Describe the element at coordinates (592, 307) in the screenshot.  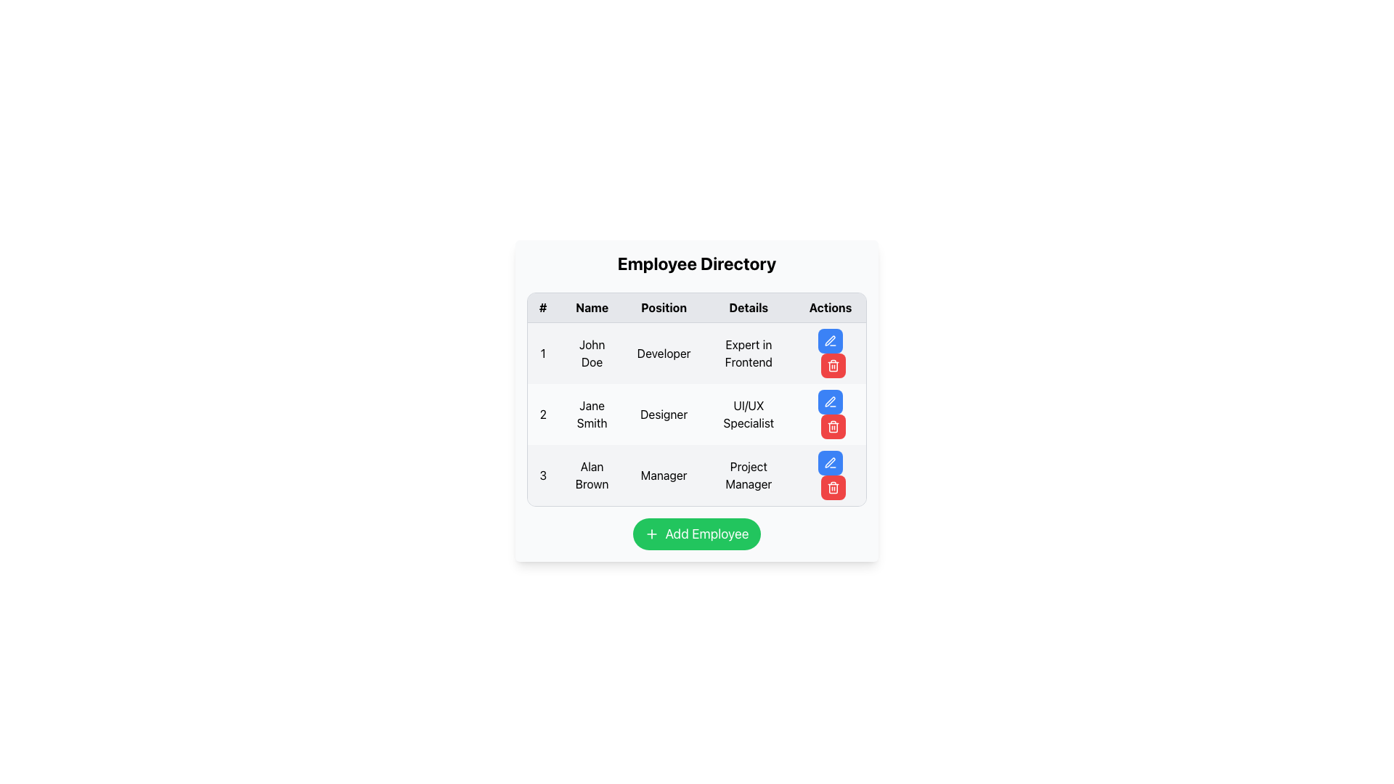
I see `the bold text header labeled 'Name' in the second column of the table's header row, which is styled with a black font and is centered above its respective column` at that location.